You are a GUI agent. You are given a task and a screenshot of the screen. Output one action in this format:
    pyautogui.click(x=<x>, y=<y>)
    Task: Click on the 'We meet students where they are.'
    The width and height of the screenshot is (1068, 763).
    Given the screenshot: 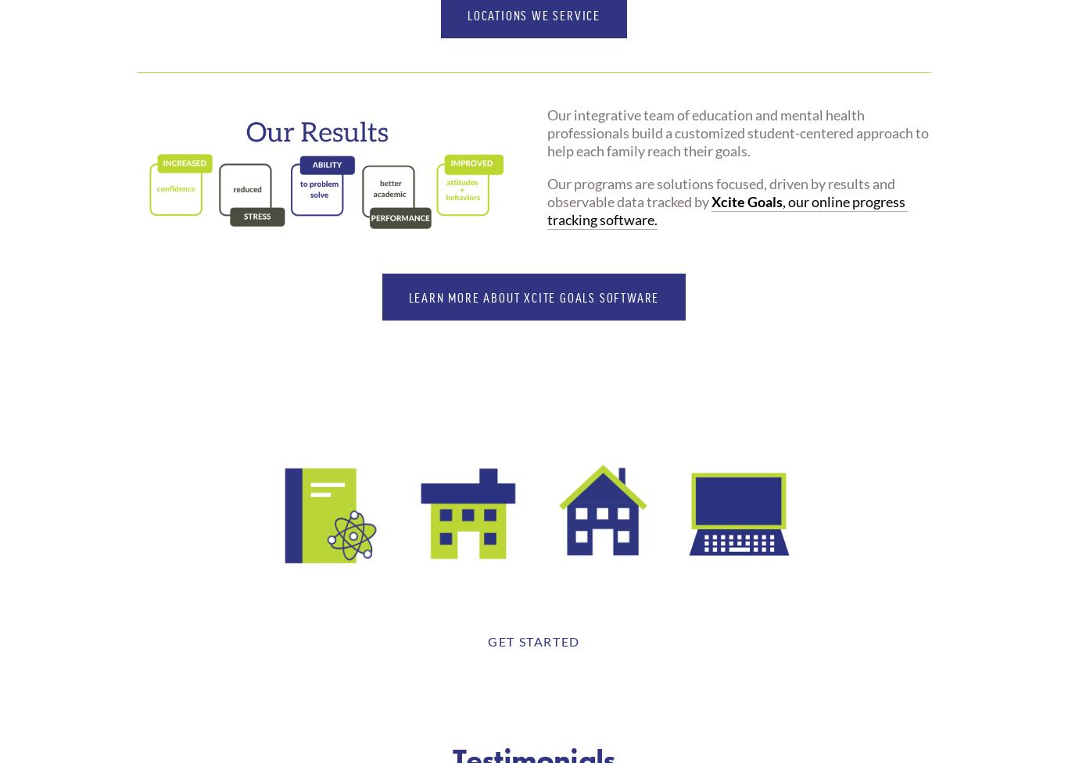 What is the action you would take?
    pyautogui.click(x=532, y=421)
    